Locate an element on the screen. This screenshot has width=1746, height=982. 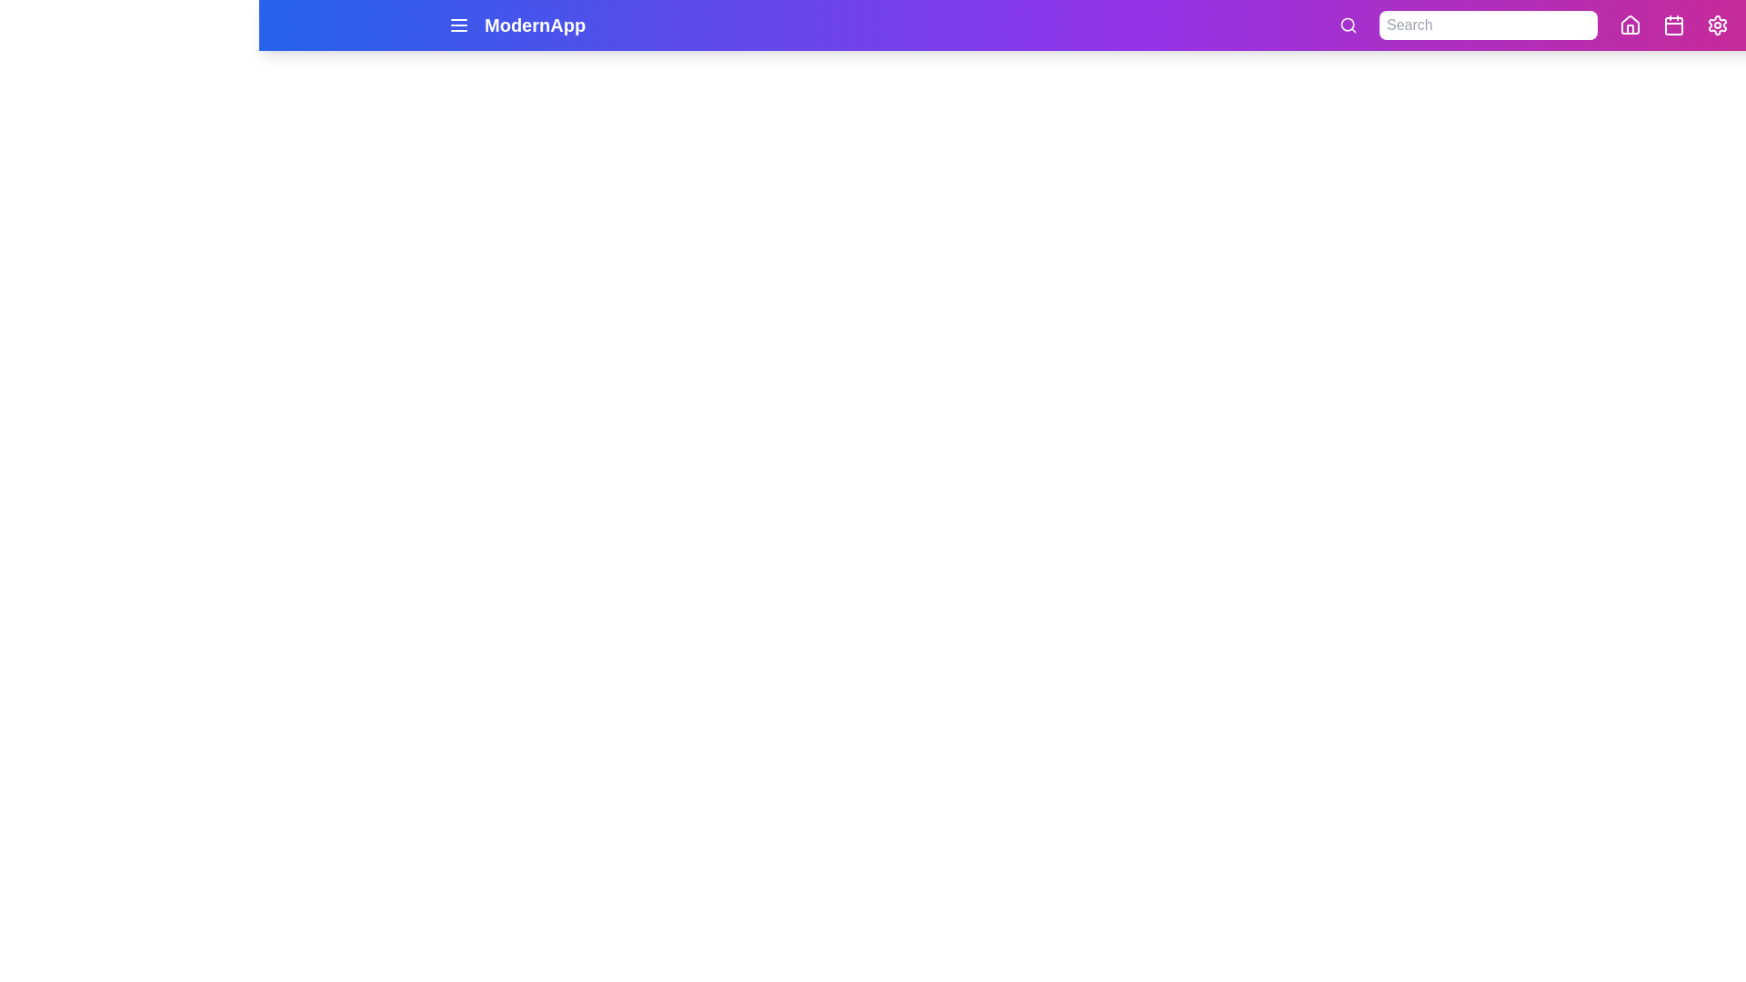
the Text Label located in the top navigation bar, which serves as the title or branding identifier for the application, positioned to the right of the hamburger menu icon is located at coordinates (534, 25).